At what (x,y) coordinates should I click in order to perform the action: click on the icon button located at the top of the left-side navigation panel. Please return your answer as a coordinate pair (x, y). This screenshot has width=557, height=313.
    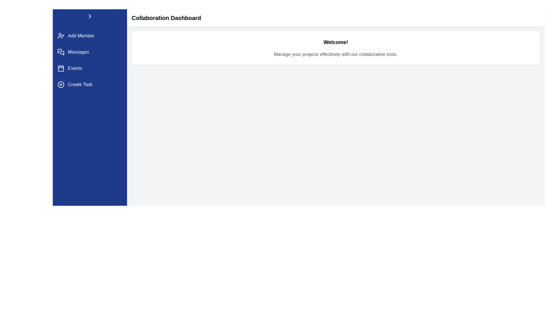
    Looking at the image, I should click on (61, 36).